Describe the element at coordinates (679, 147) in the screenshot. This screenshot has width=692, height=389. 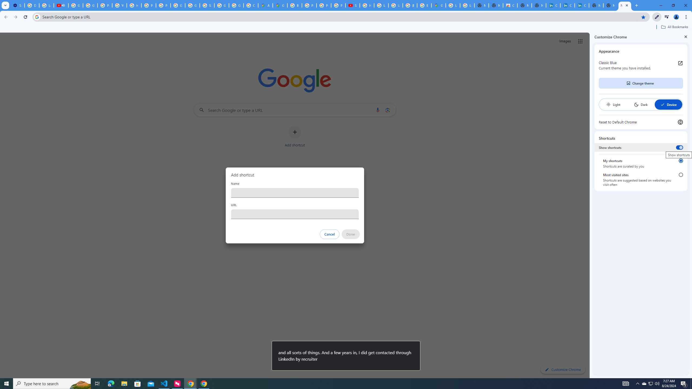
I see `'Show shortcuts'` at that location.